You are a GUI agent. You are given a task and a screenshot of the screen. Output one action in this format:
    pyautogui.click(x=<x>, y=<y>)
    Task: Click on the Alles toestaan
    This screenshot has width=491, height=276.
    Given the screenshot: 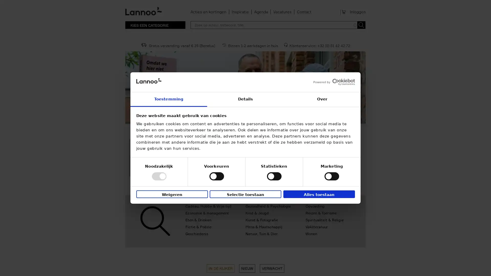 What is the action you would take?
    pyautogui.click(x=319, y=194)
    